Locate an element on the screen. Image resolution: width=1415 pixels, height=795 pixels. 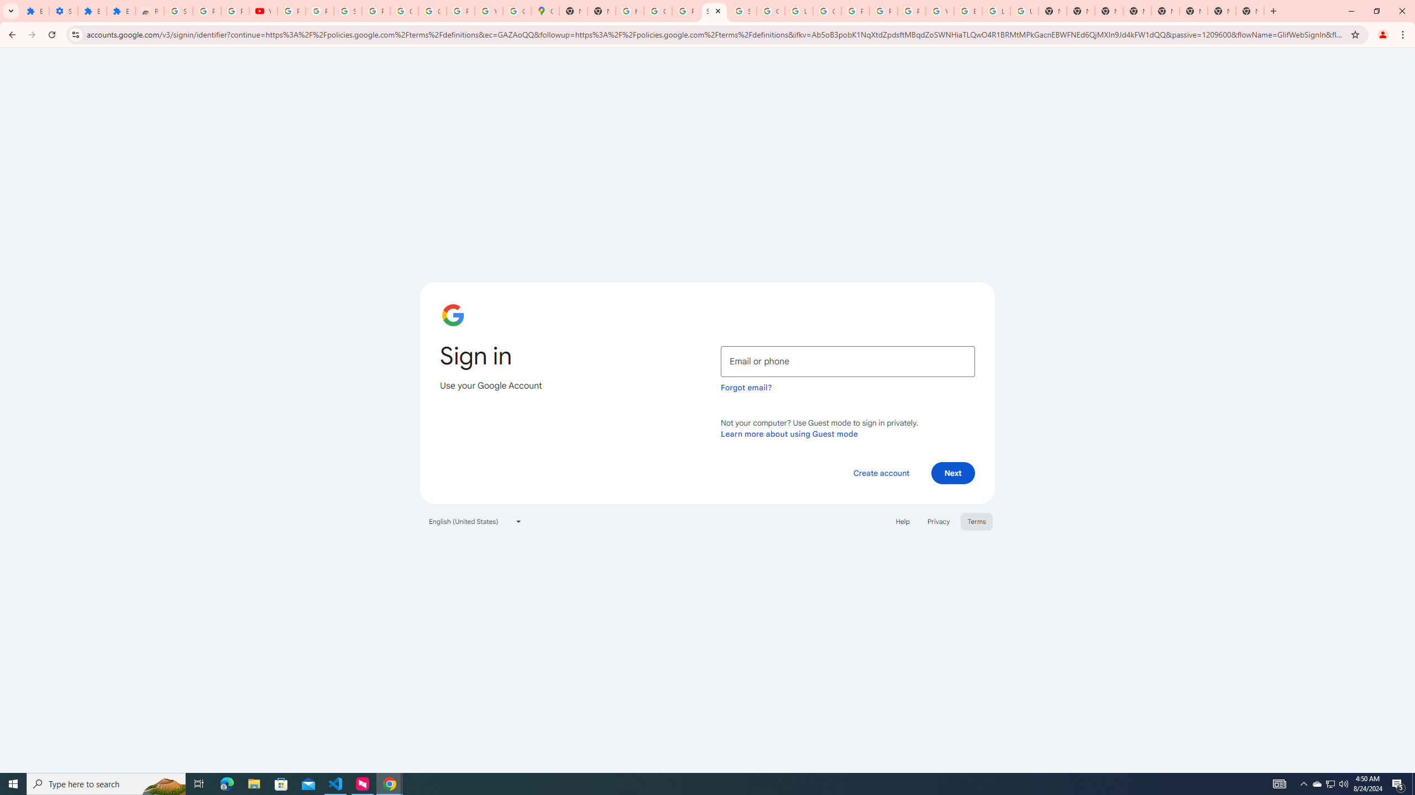
'Settings' is located at coordinates (63, 10).